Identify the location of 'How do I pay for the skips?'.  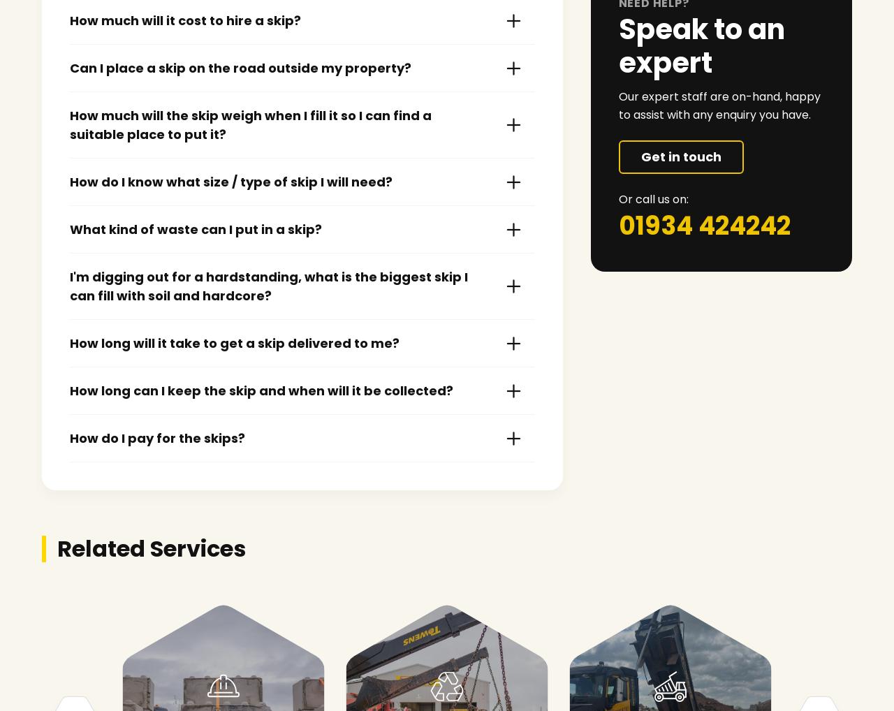
(157, 437).